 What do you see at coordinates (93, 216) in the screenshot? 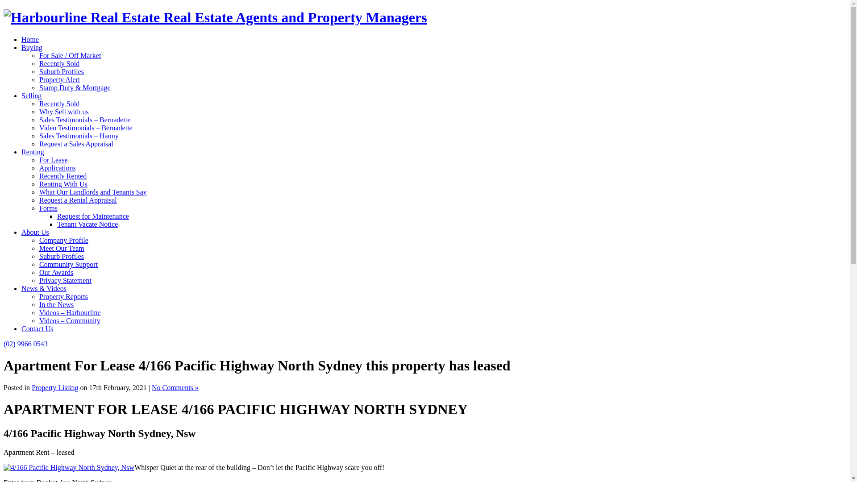
I see `'Request for Maintenance'` at bounding box center [93, 216].